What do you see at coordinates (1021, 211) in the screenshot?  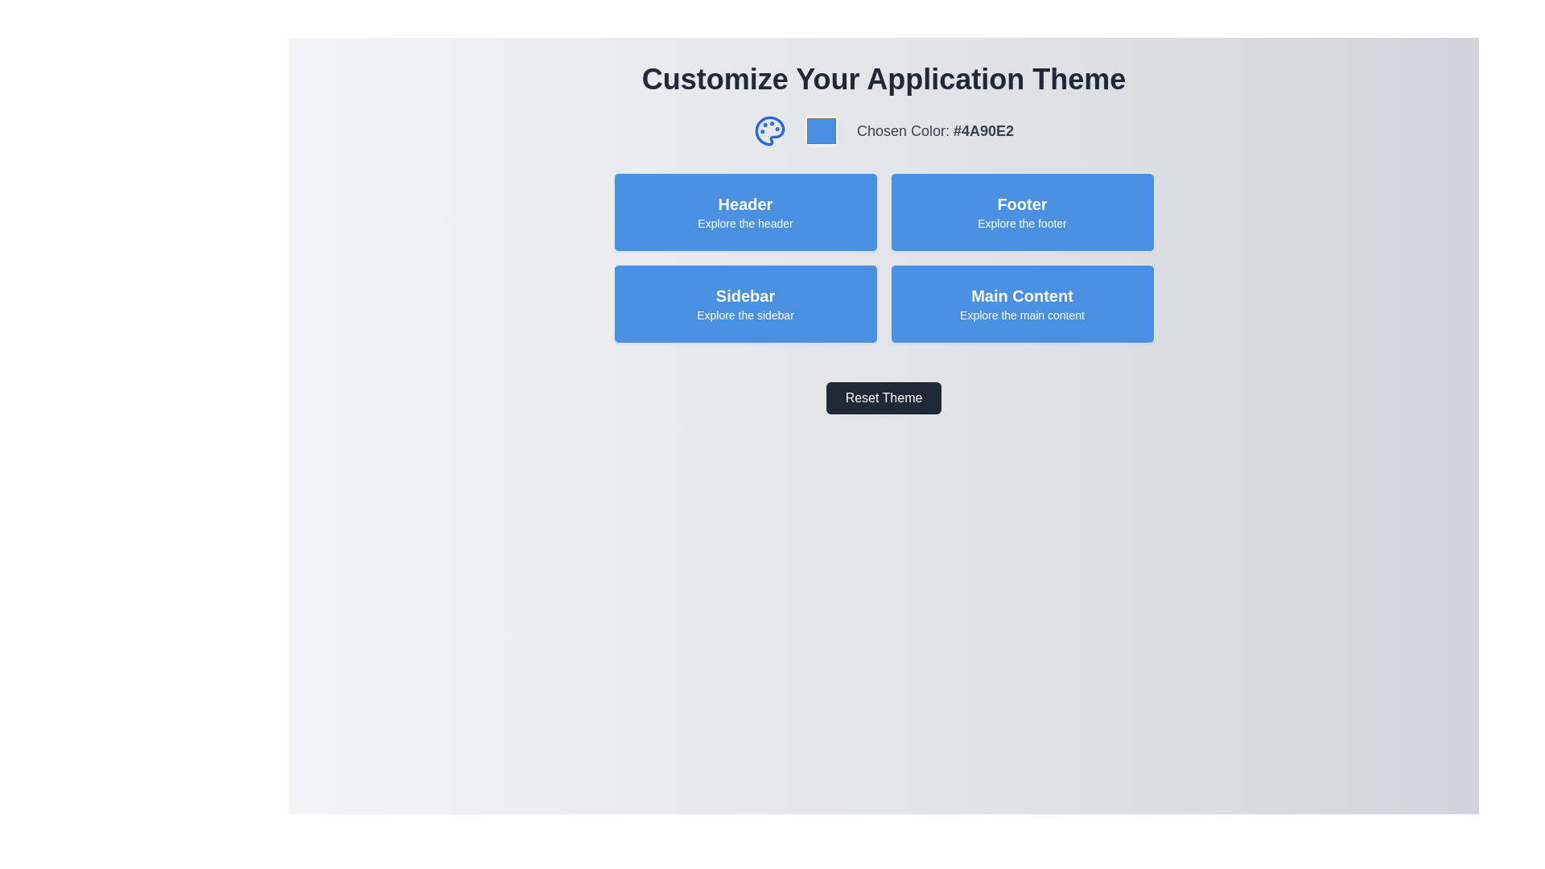 I see `the blue rectangular card labeled 'Footer', which contains the title 'Footer' in bold white text and subtext 'Explore the footer' below it` at bounding box center [1021, 211].